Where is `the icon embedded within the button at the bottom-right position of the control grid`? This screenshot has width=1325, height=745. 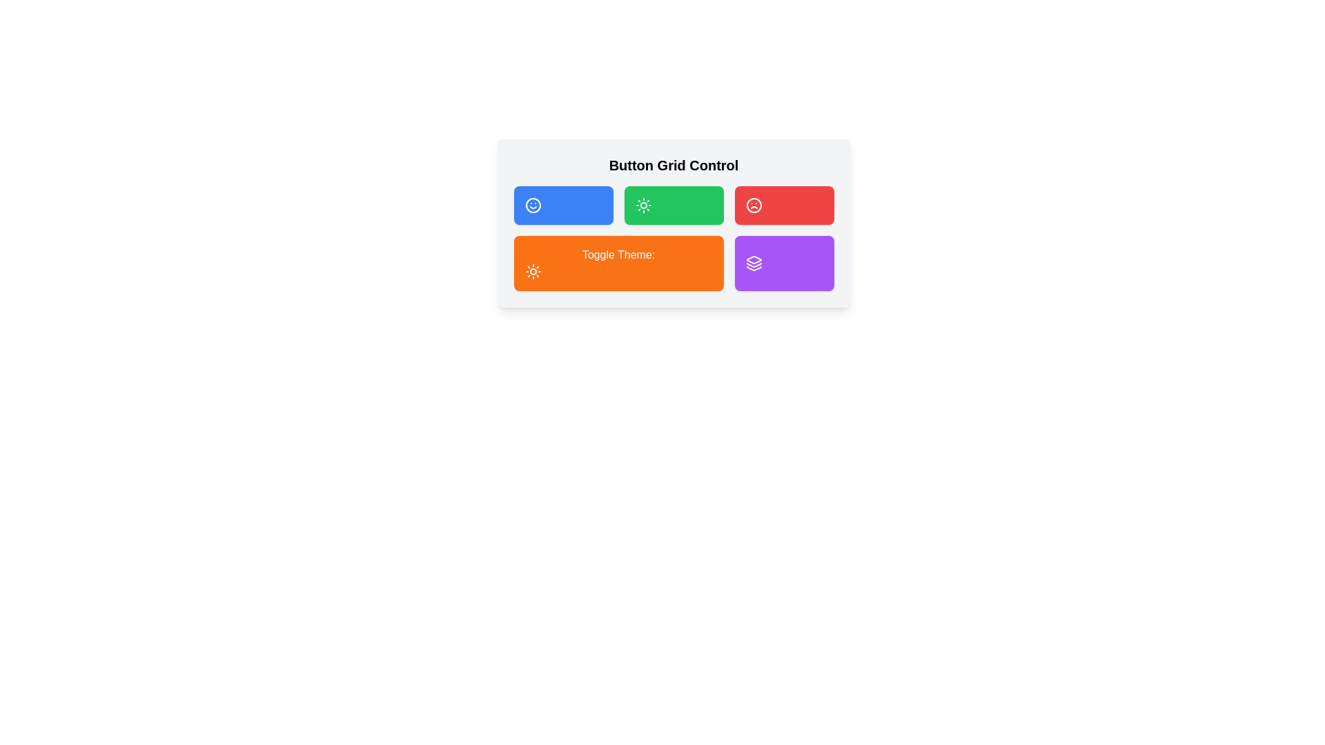
the icon embedded within the button at the bottom-right position of the control grid is located at coordinates (753, 265).